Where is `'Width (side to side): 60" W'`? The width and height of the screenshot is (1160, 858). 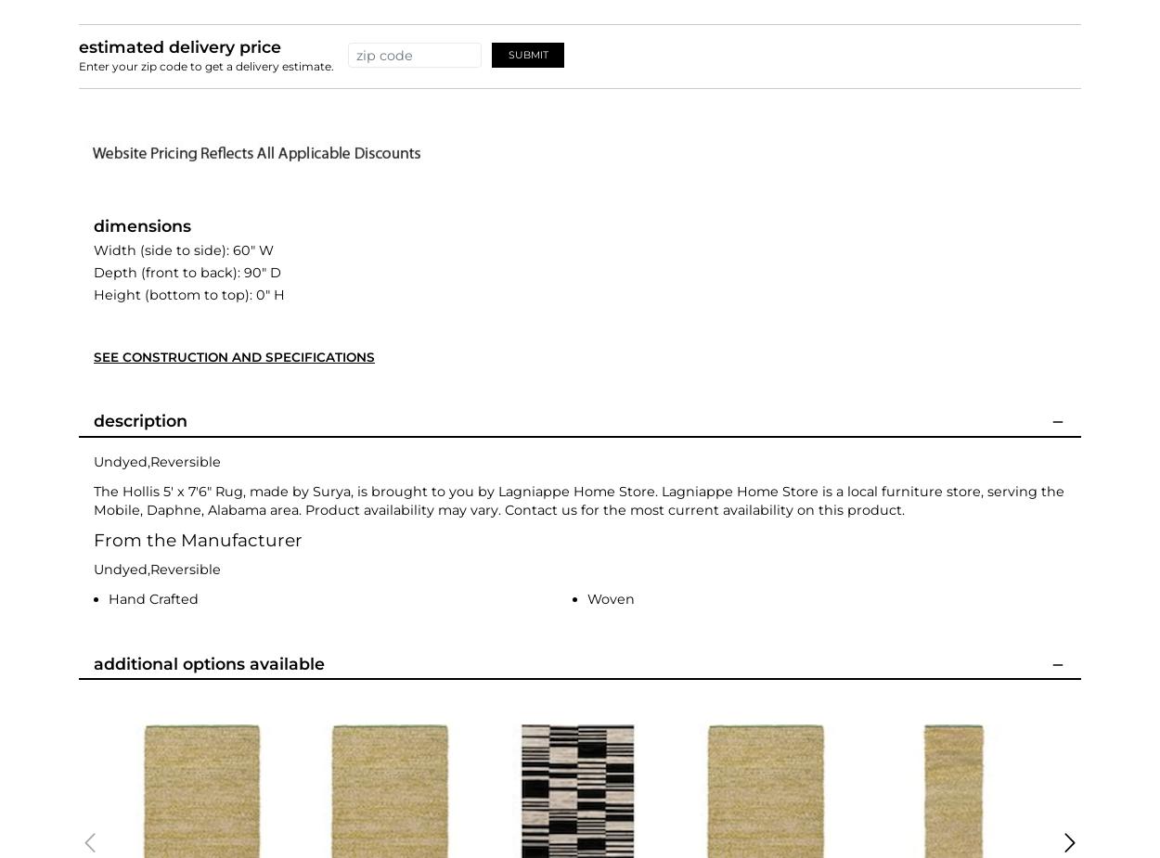
'Width (side to side): 60" W' is located at coordinates (183, 248).